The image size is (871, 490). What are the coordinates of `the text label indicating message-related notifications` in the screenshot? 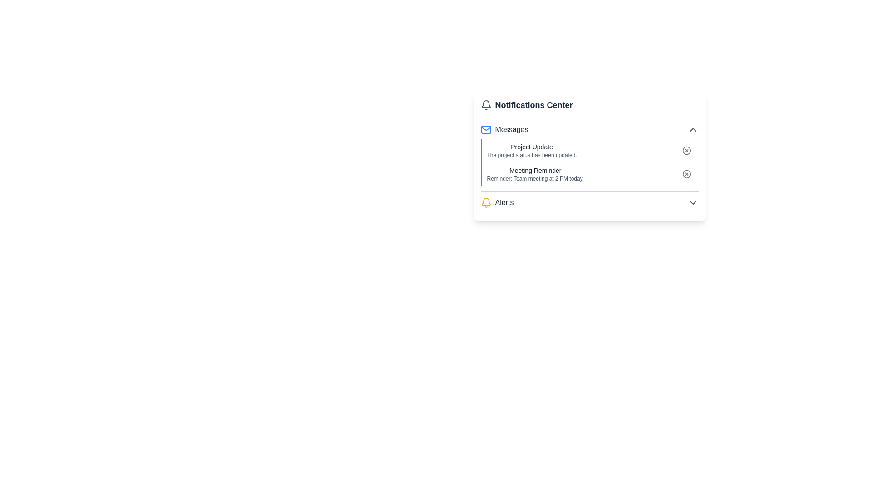 It's located at (512, 129).